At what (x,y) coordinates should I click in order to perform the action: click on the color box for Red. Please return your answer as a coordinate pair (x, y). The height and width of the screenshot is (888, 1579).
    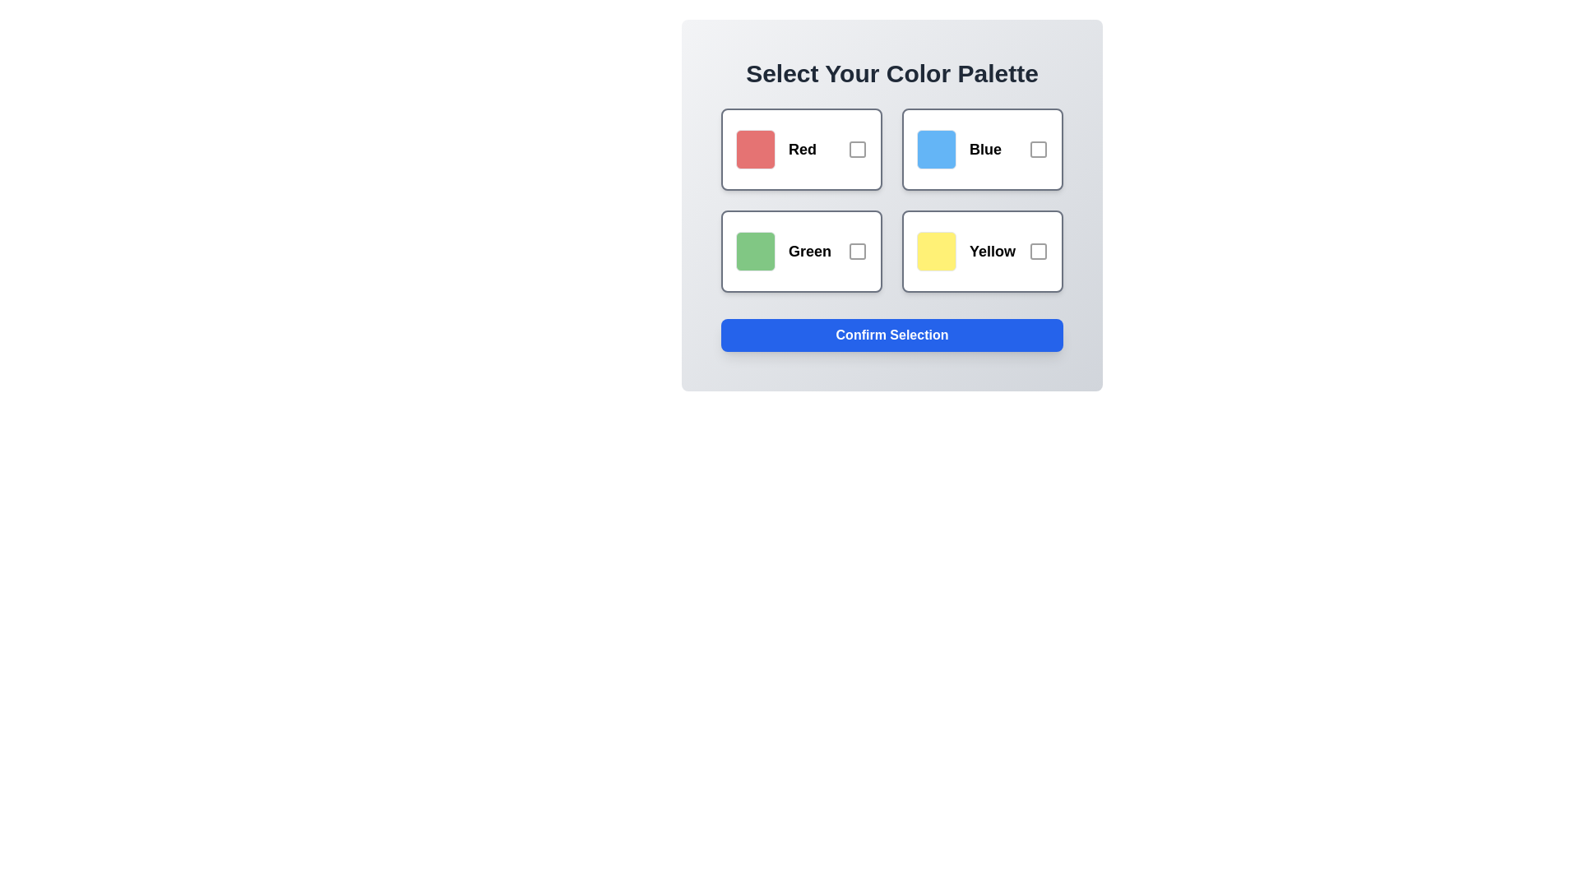
    Looking at the image, I should click on (801, 149).